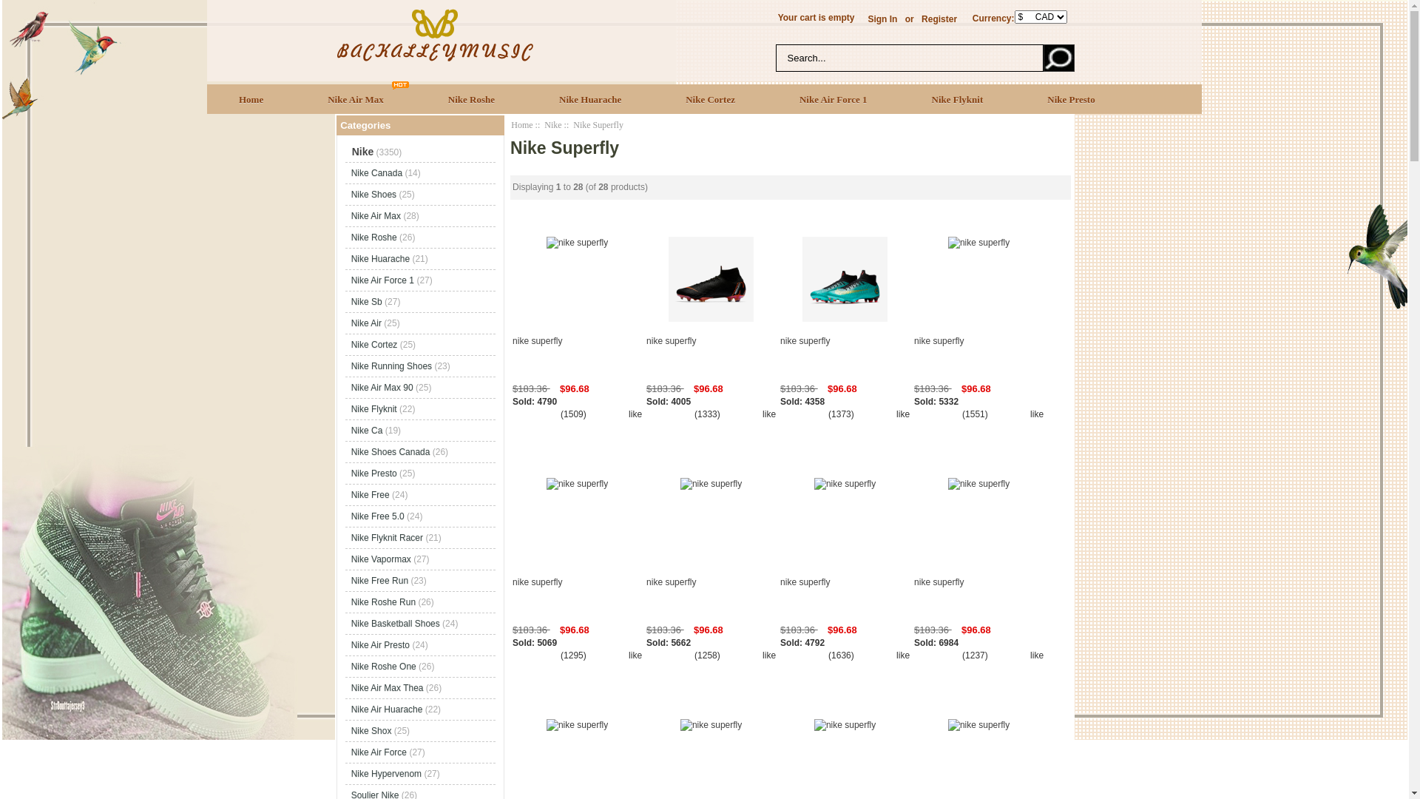 The height and width of the screenshot is (799, 1420). What do you see at coordinates (377, 516) in the screenshot?
I see `'Nike Free 5.0'` at bounding box center [377, 516].